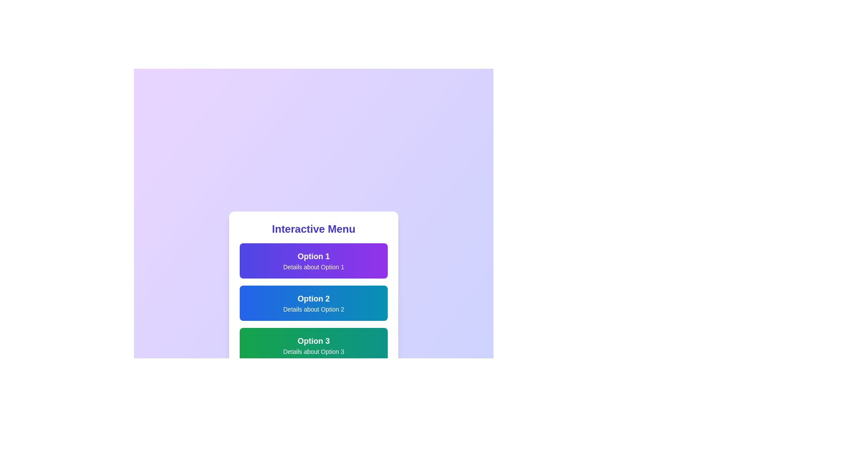 Image resolution: width=846 pixels, height=476 pixels. Describe the element at coordinates (313, 382) in the screenshot. I see `the action button located at the bottom of the menu` at that location.